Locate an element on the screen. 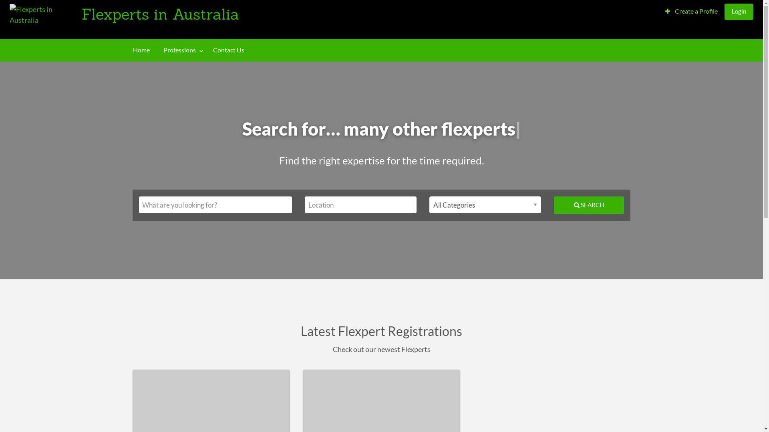 Image resolution: width=769 pixels, height=432 pixels. 'Home' is located at coordinates (141, 50).